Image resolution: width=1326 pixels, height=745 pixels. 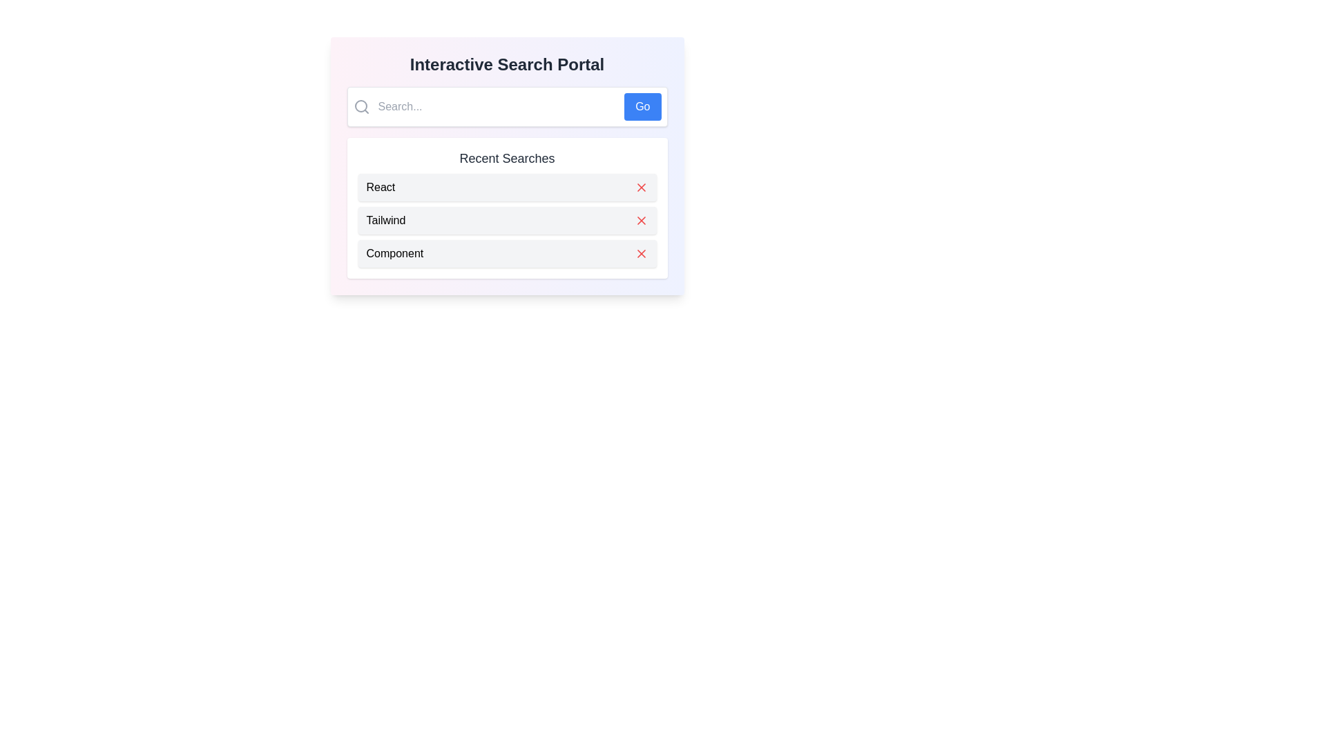 What do you see at coordinates (506, 208) in the screenshot?
I see `the second list item labeled 'Tailwind' within the 'Recent Searches' section to focus on it` at bounding box center [506, 208].